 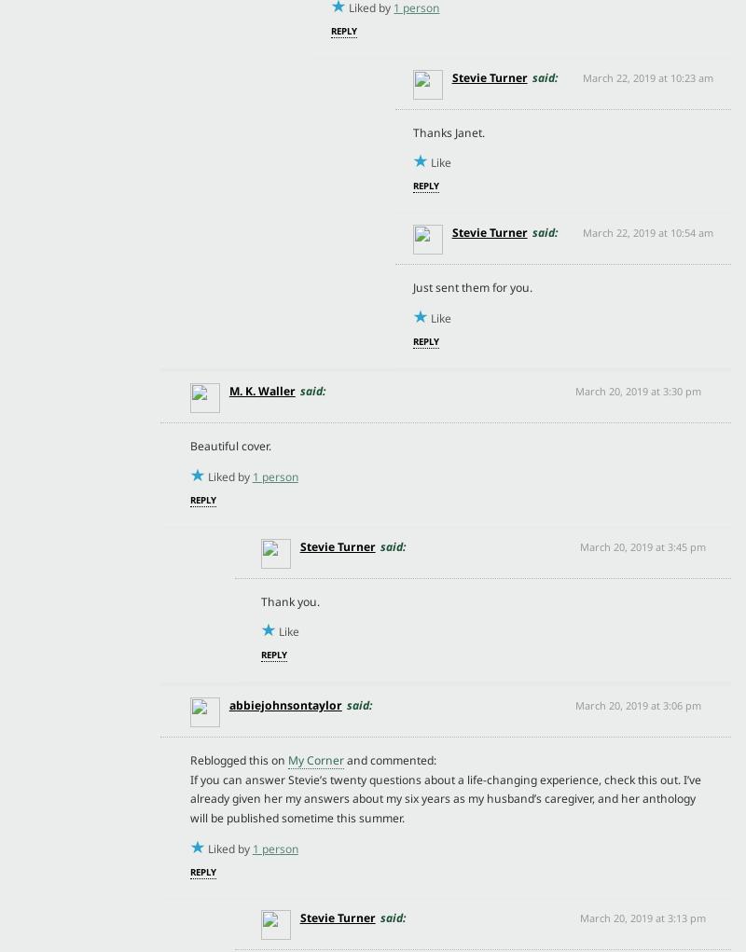 What do you see at coordinates (315, 759) in the screenshot?
I see `'My Corner'` at bounding box center [315, 759].